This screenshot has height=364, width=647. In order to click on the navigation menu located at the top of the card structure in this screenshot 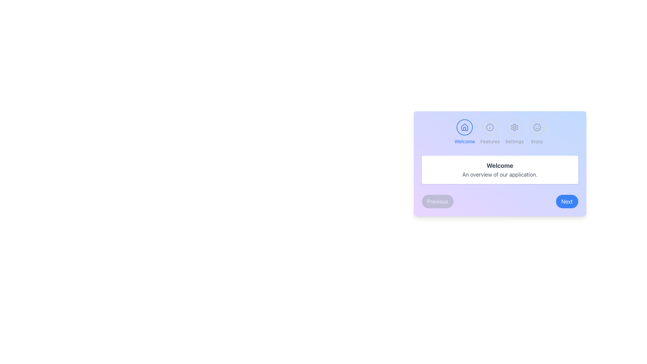, I will do `click(500, 132)`.